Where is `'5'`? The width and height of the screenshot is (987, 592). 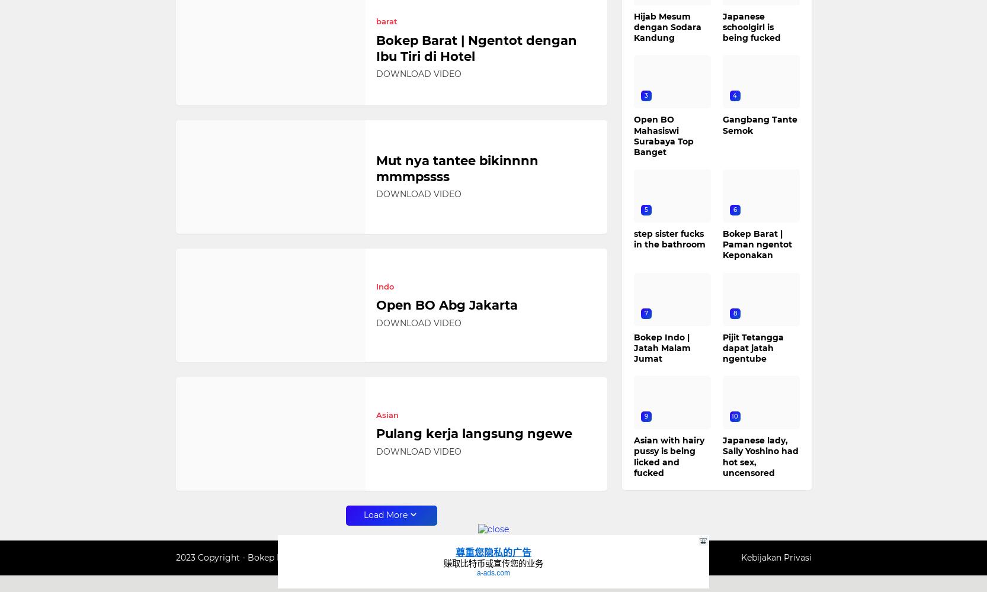 '5' is located at coordinates (646, 209).